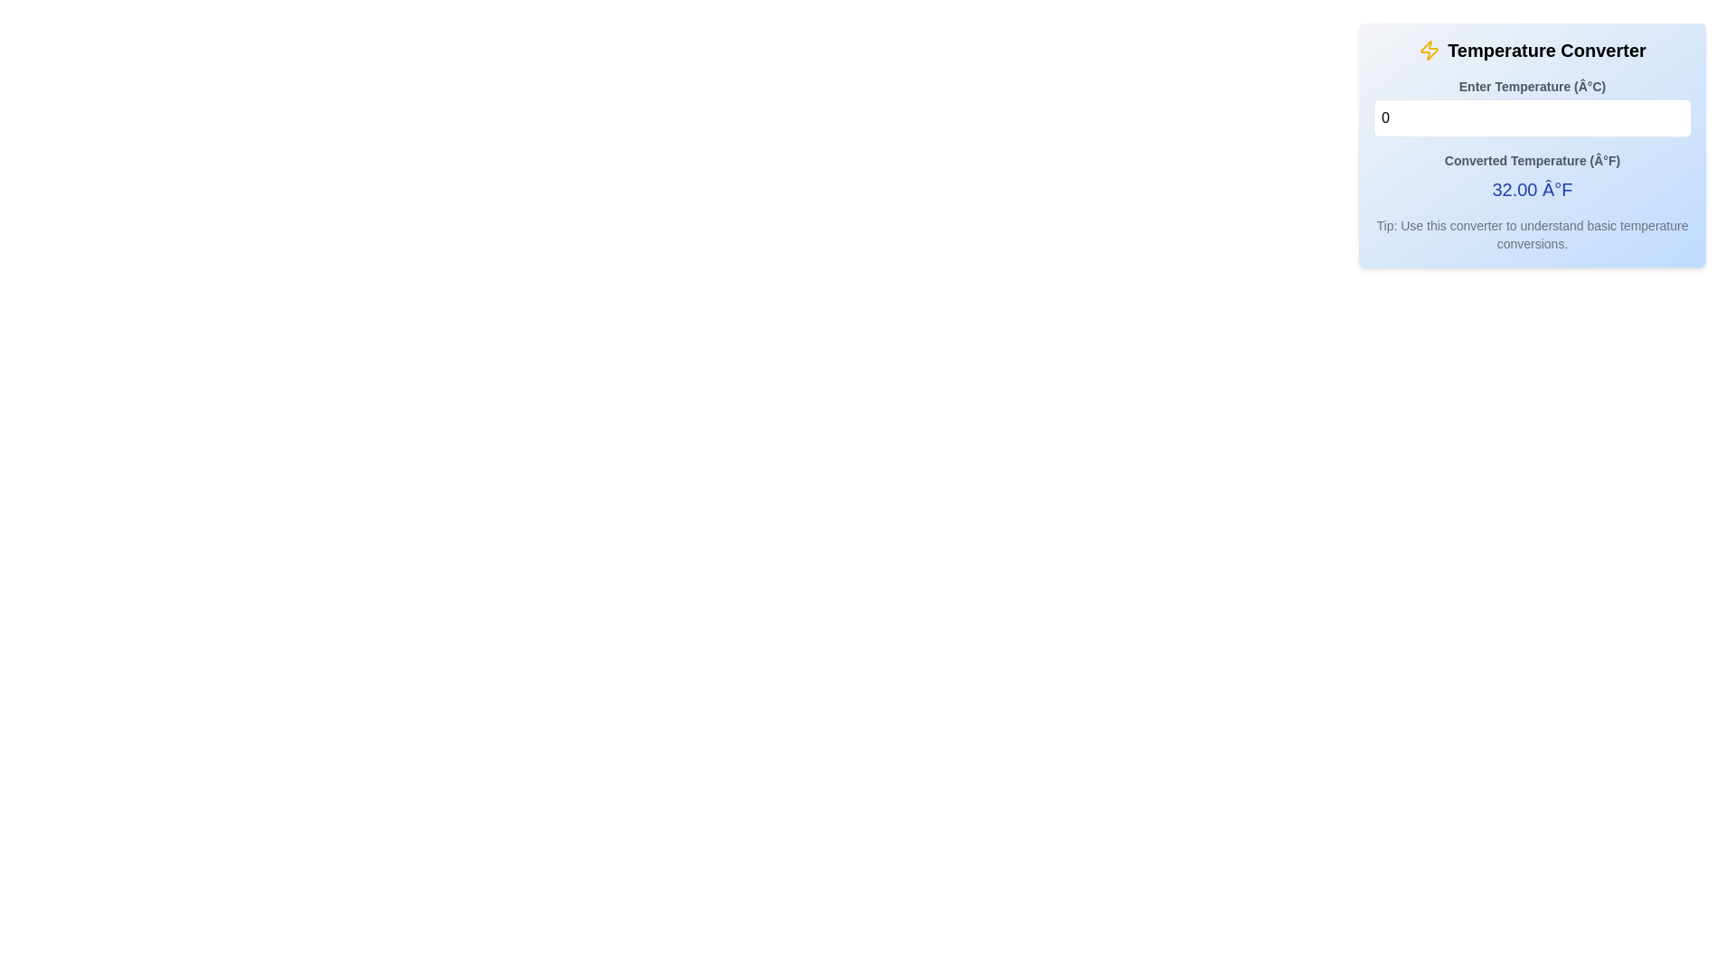 The height and width of the screenshot is (976, 1735). I want to click on the text label indicating the converted temperature in Fahrenheit, located at the upper-middle of the temperature converter interface, so click(1531, 159).